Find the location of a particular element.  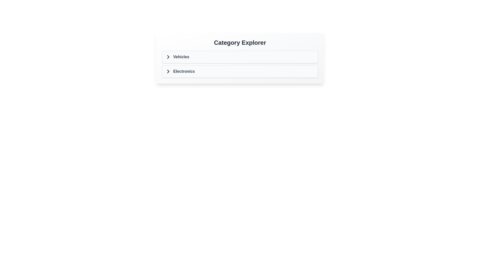

the 'Electronics' text label, which is styled in bold dark gray font and located in the second row of the category list under 'Category Explorer' is located at coordinates (184, 71).